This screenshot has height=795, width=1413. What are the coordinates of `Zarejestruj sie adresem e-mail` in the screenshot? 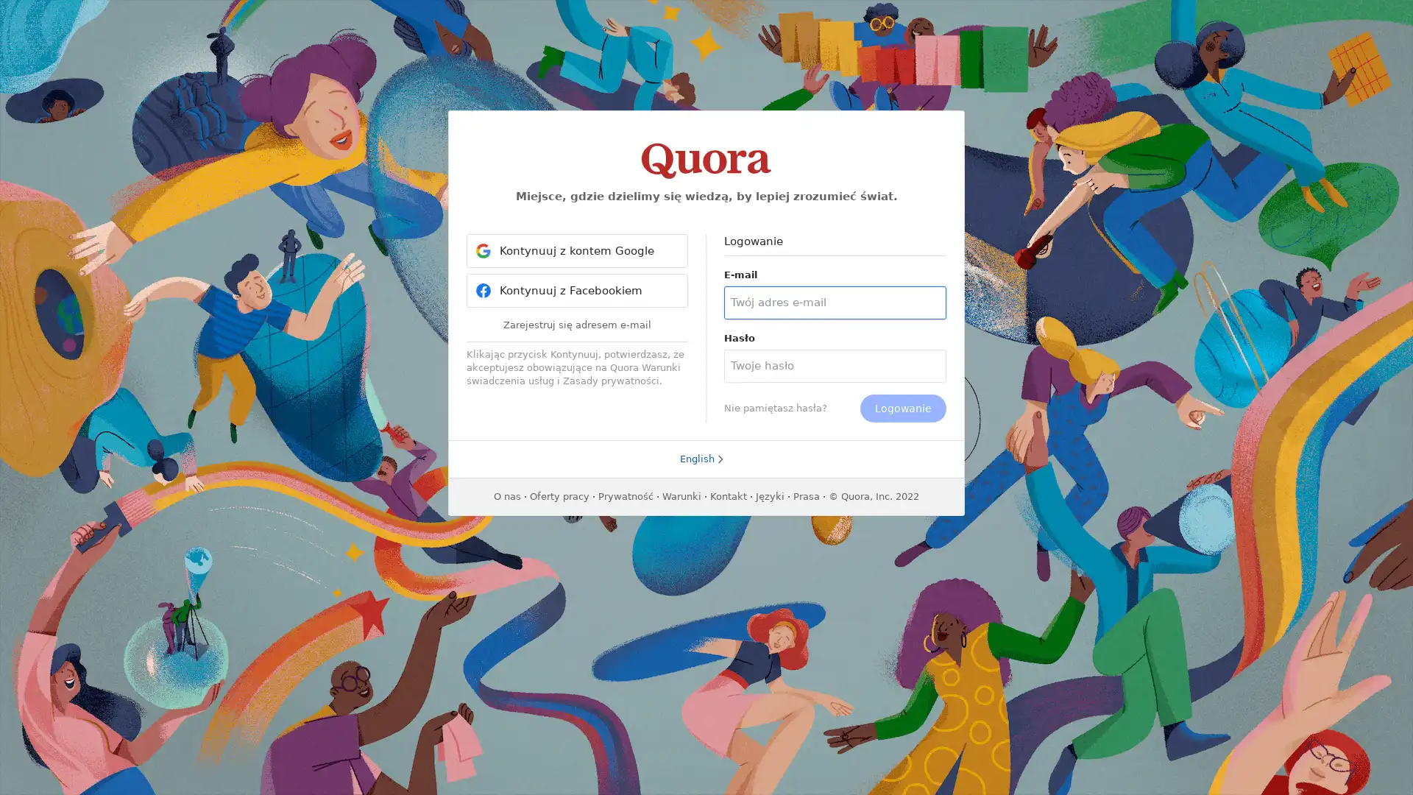 It's located at (576, 323).